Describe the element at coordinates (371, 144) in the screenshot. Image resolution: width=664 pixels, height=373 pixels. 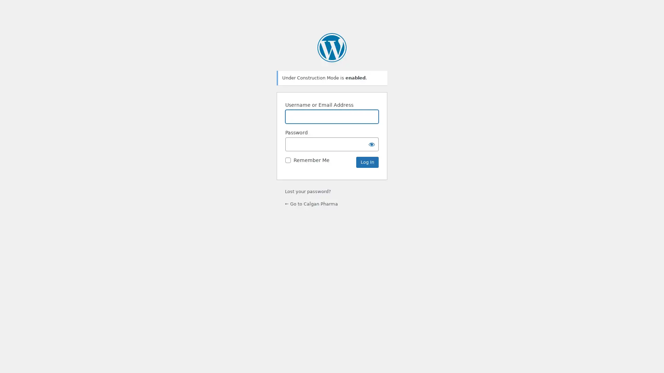
I see `Show password` at that location.